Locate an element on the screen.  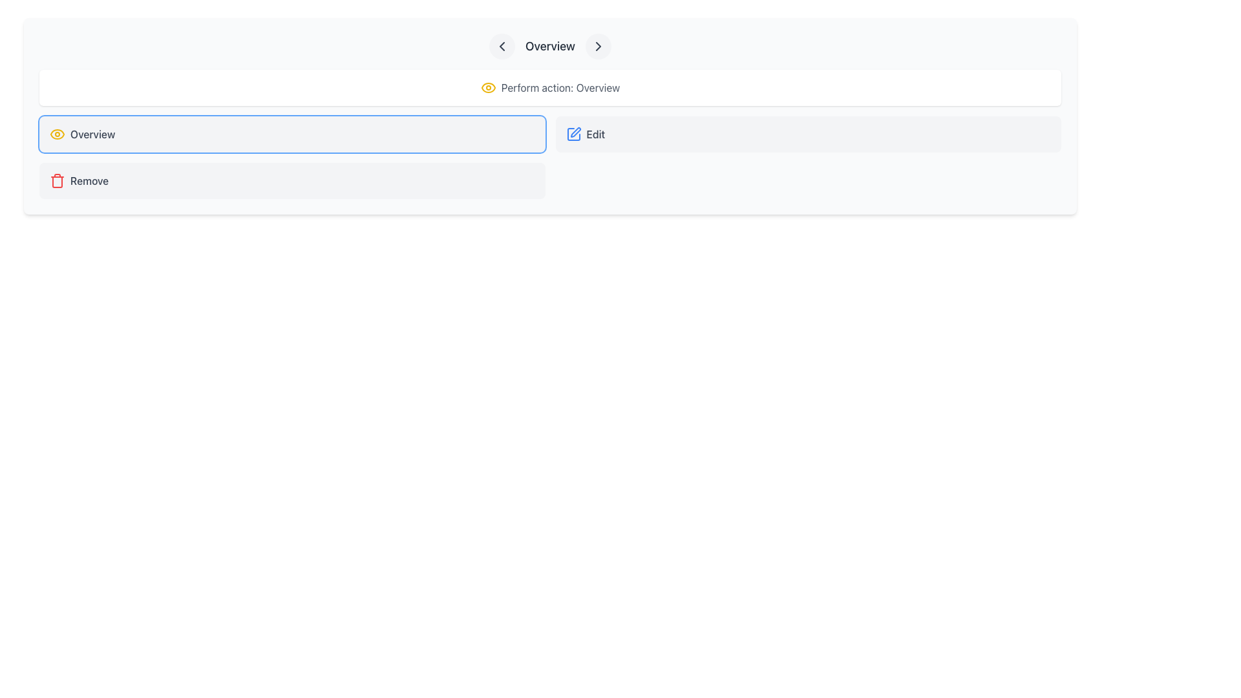
the icon that represents the overview functionality, which is the first component in a box containing the text 'Overview' with a light gray background and rounded corners is located at coordinates (57, 134).